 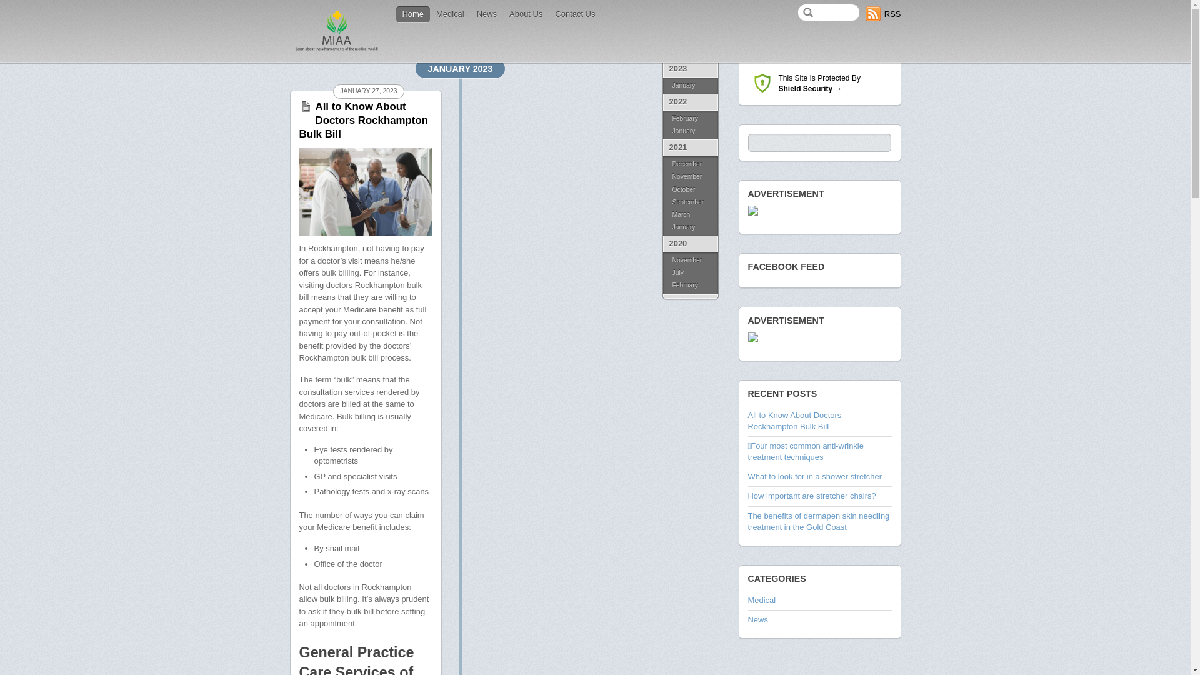 I want to click on 'RSS', so click(x=882, y=14).